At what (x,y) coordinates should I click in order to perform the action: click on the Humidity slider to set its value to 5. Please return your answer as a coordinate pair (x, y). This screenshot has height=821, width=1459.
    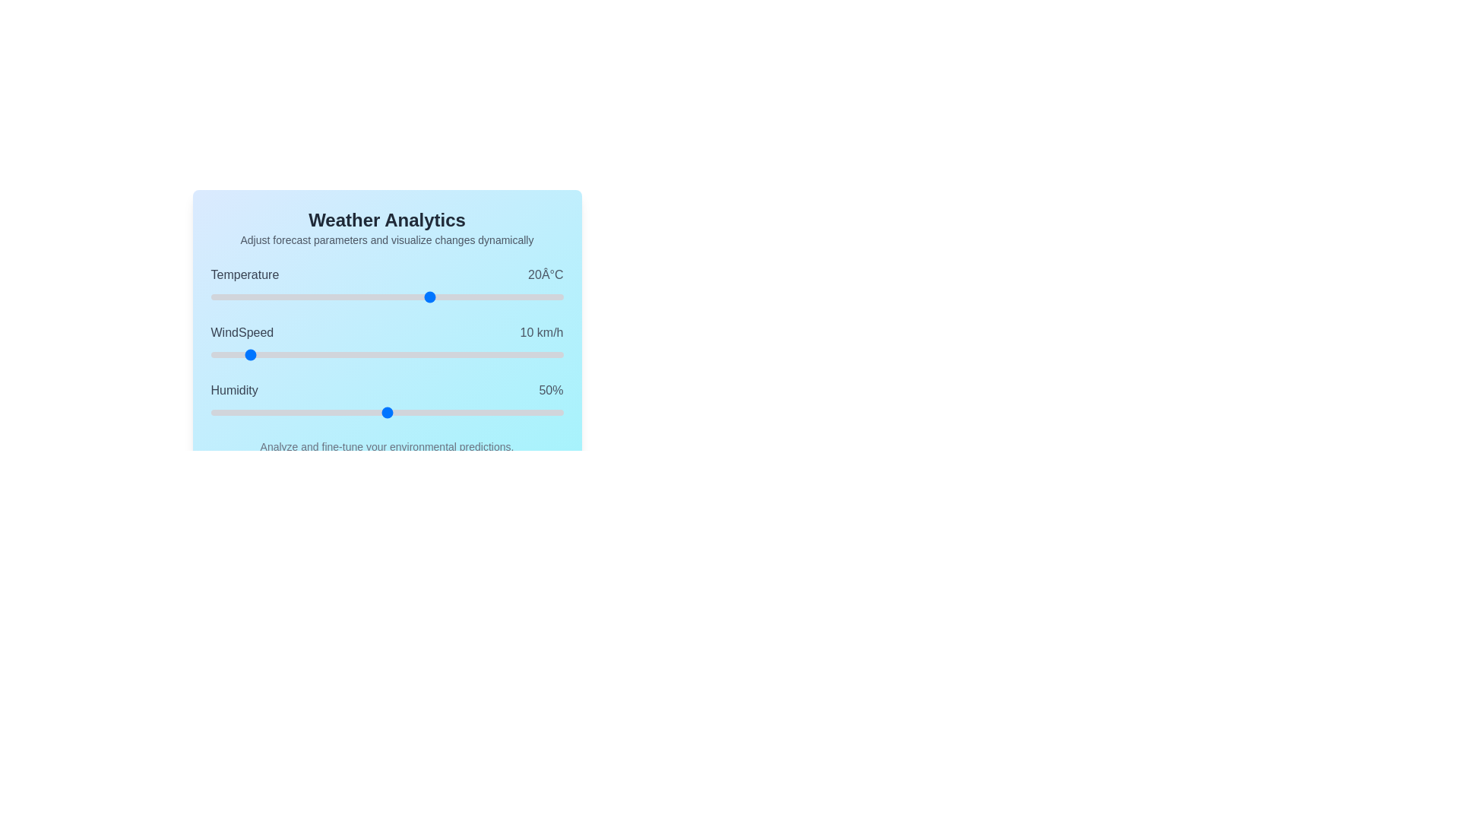
    Looking at the image, I should click on (227, 413).